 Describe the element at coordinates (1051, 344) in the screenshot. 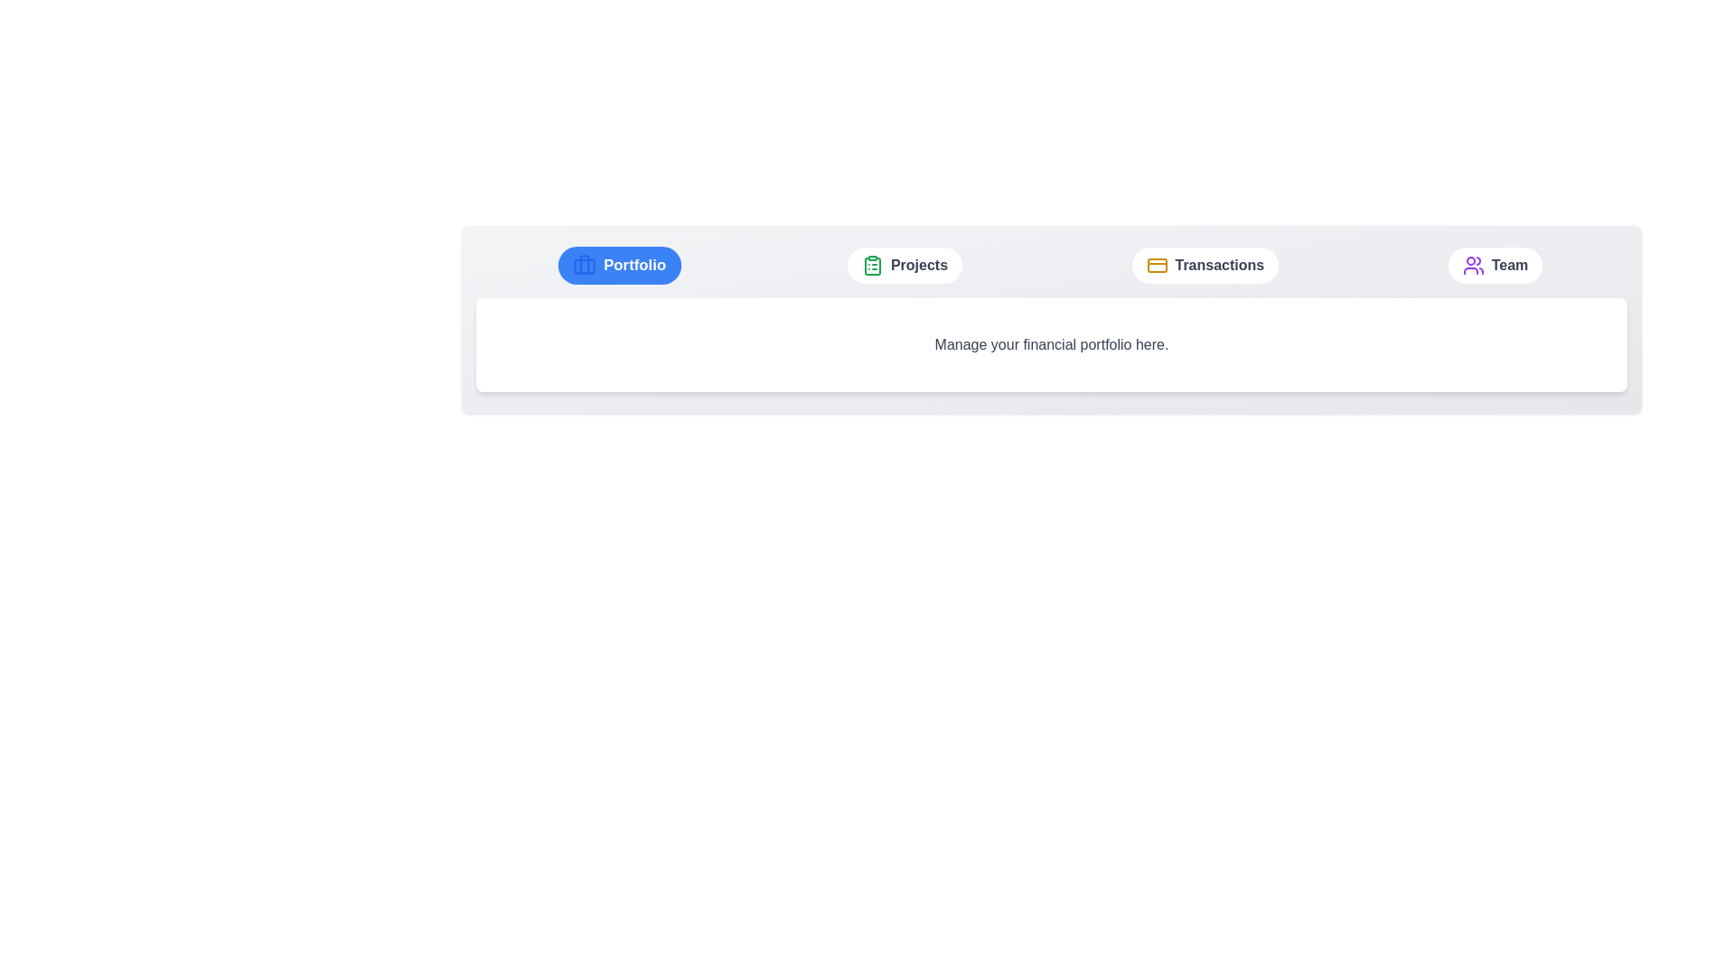

I see `the text 'Manage your financial portfolio here.'` at that location.